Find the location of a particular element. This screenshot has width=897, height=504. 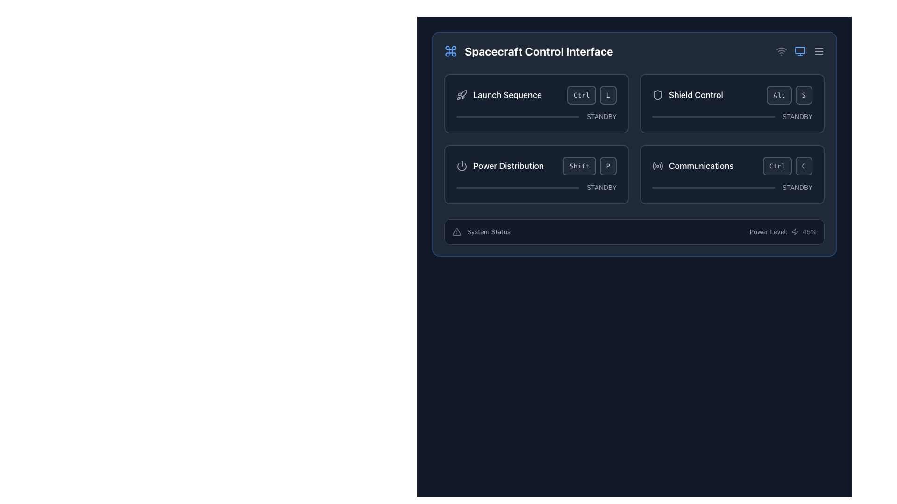

the minimalistic menu icon button located in the top-right corner of the interface is located at coordinates (818, 51).